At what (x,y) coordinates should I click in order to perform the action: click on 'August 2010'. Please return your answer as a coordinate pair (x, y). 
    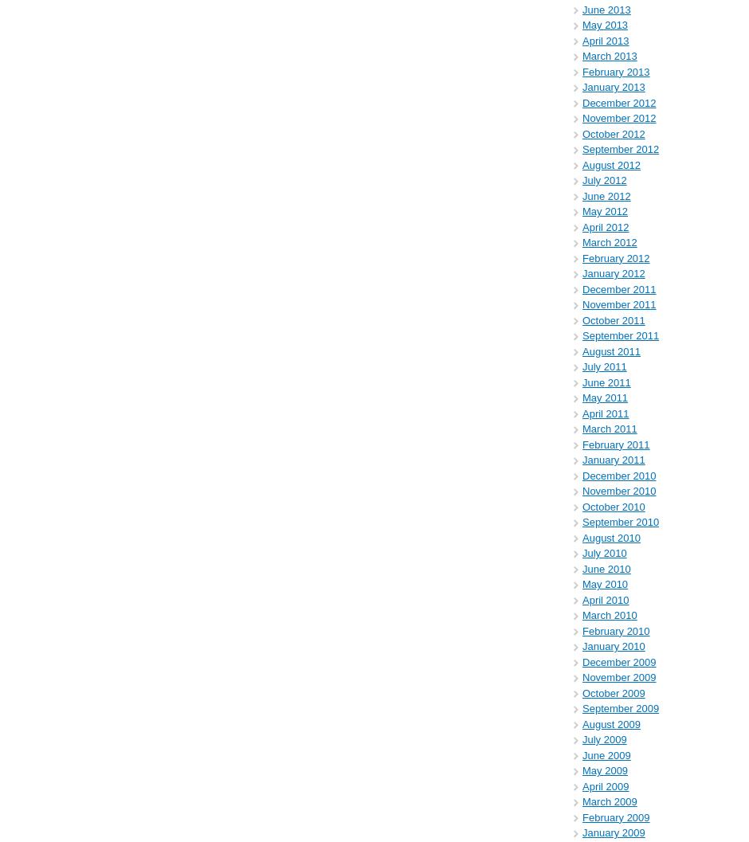
    Looking at the image, I should click on (610, 537).